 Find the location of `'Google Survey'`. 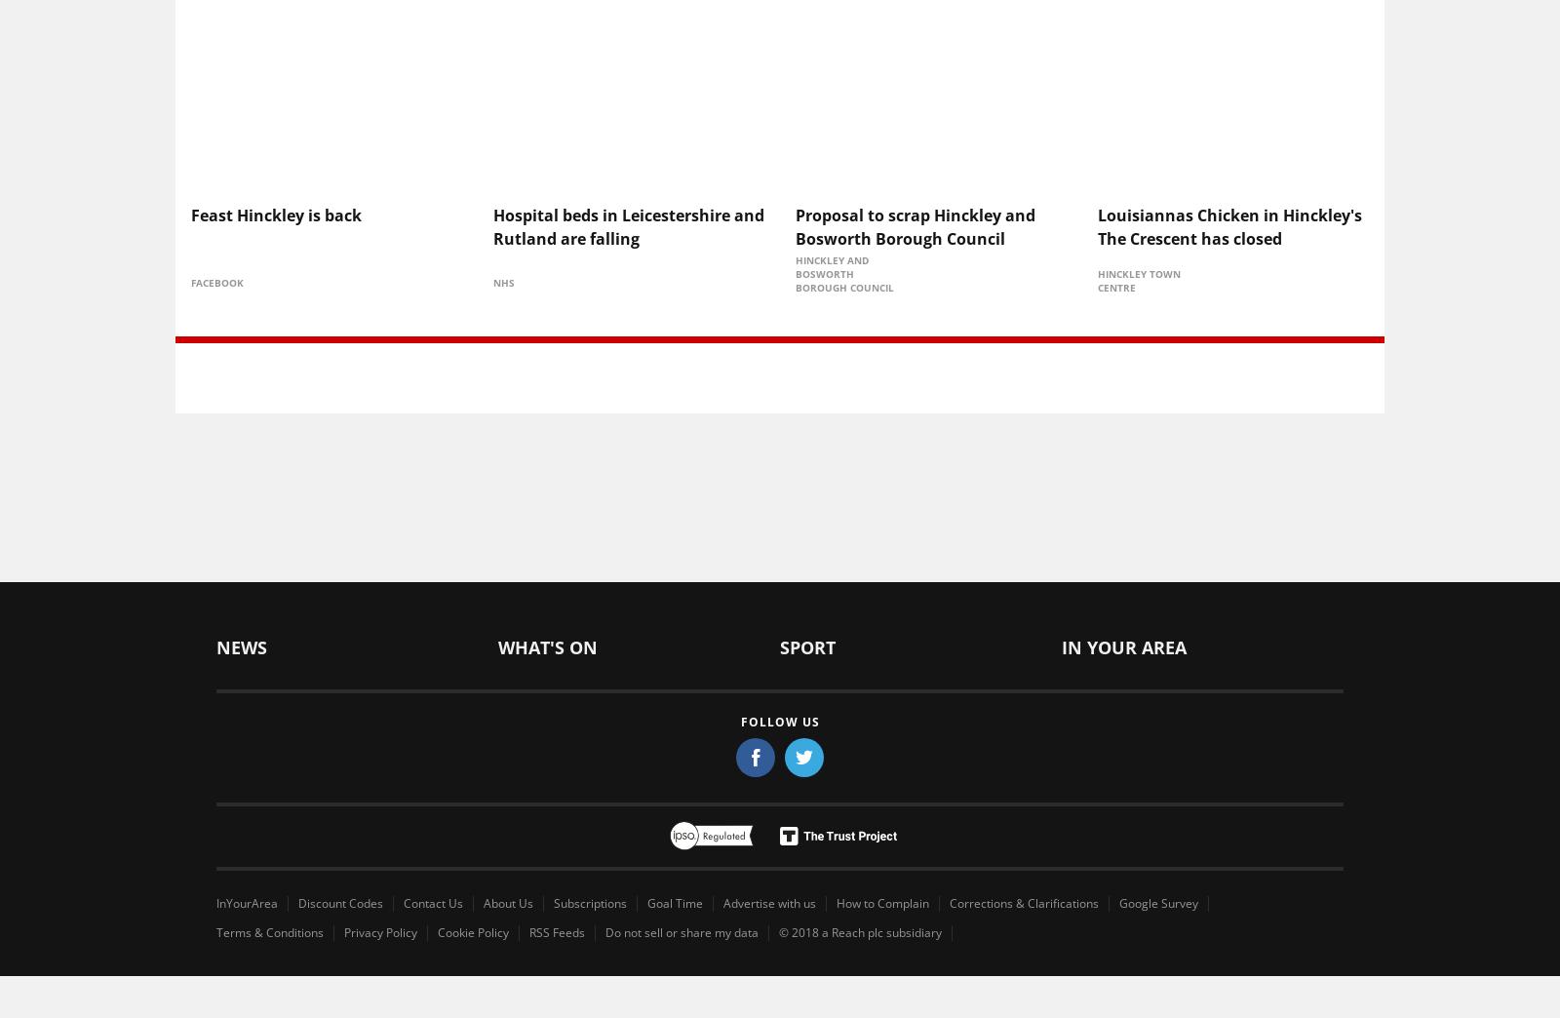

'Google Survey' is located at coordinates (1158, 901).